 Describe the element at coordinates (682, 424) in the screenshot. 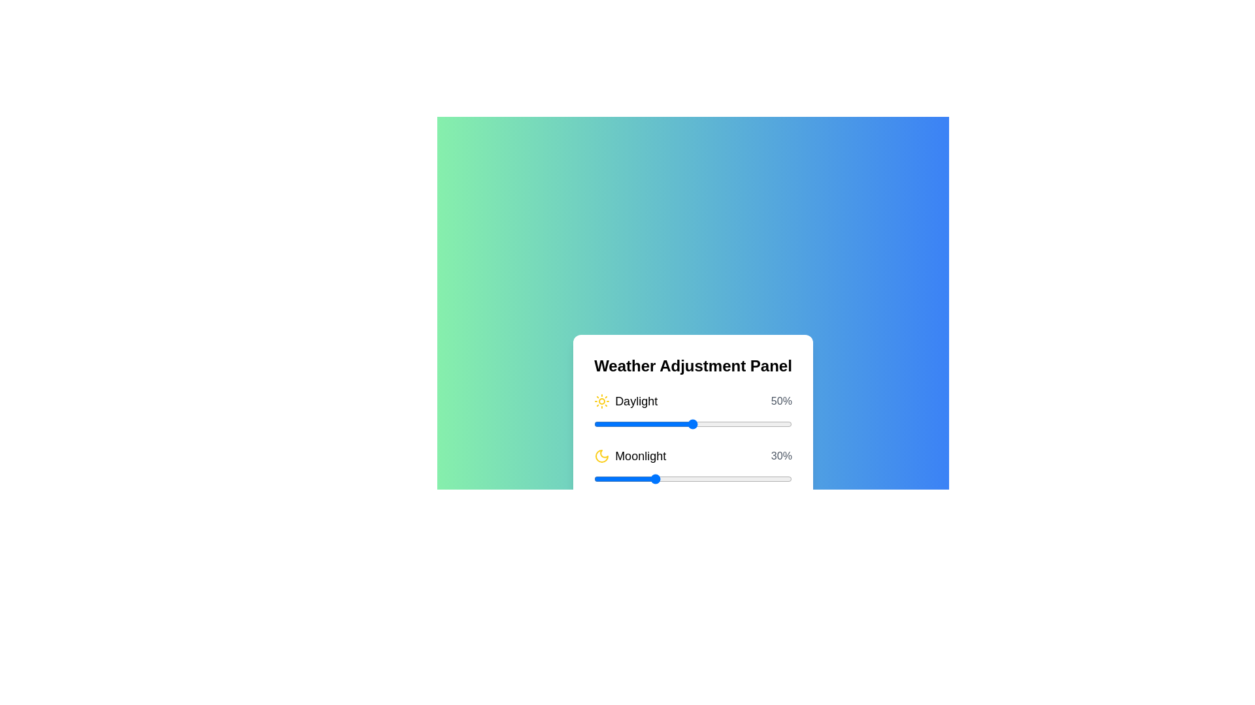

I see `the Daylight slider to 45%` at that location.